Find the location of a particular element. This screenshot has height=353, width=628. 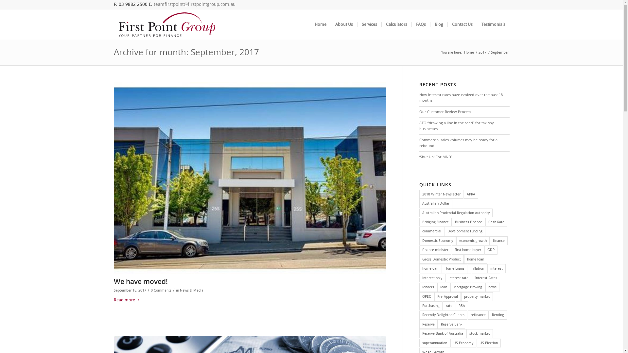

'finance' is located at coordinates (498, 241).